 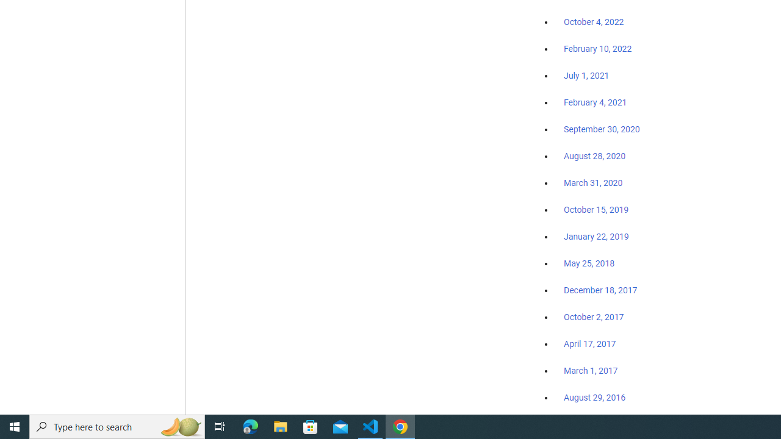 I want to click on 'February 4, 2021', so click(x=596, y=102).